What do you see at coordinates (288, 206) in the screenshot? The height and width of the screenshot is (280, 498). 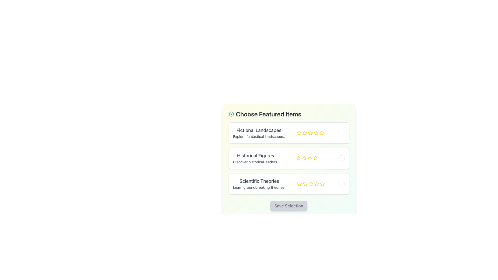 I see `the 'Save Selection' button, which is a rectangular button with rounded corners, light gray background, and darker gray text, located below the 'Choose Featured Items' section` at bounding box center [288, 206].